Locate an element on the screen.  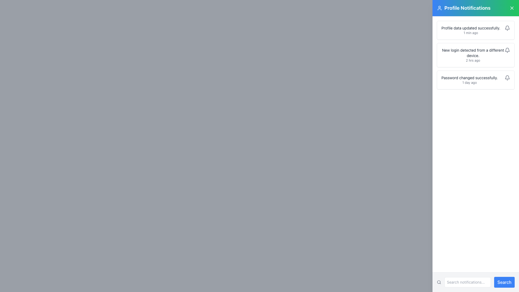
the text display element that shows 'Password changed successfully.' in the third notification card of the 'Profile Notifications' panel is located at coordinates (469, 80).